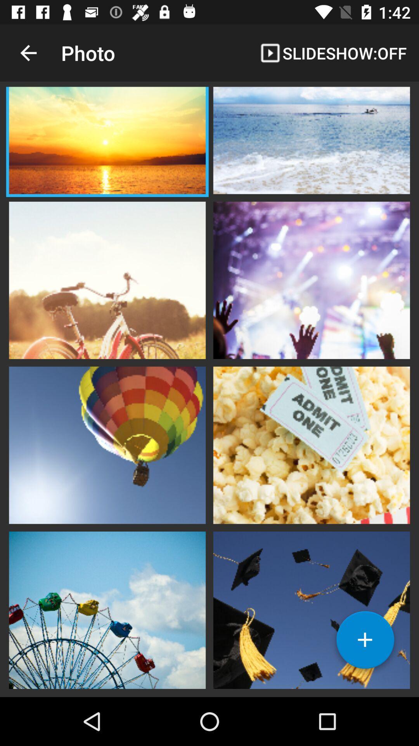 The height and width of the screenshot is (746, 419). I want to click on pitcher, so click(107, 609).